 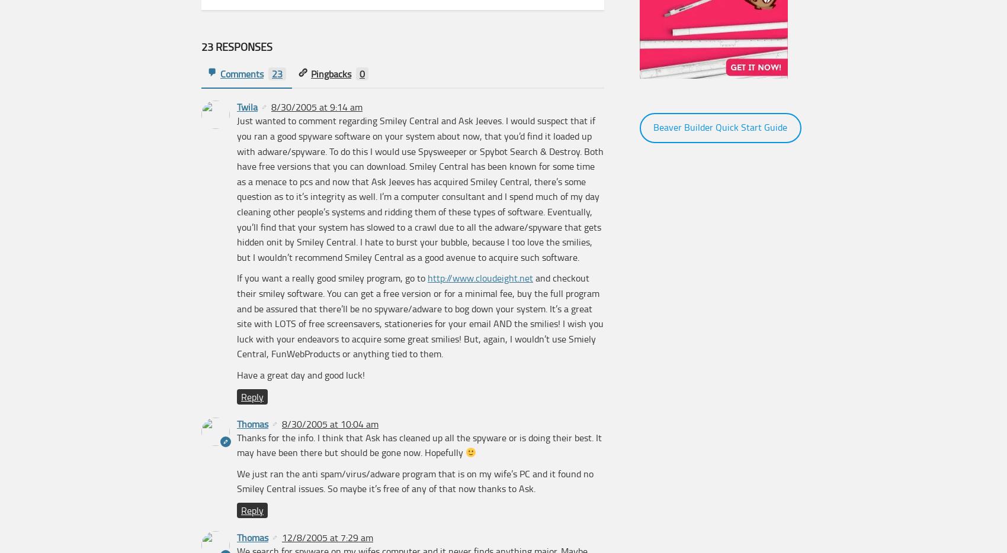 I want to click on 'Pingbacks', so click(x=330, y=72).